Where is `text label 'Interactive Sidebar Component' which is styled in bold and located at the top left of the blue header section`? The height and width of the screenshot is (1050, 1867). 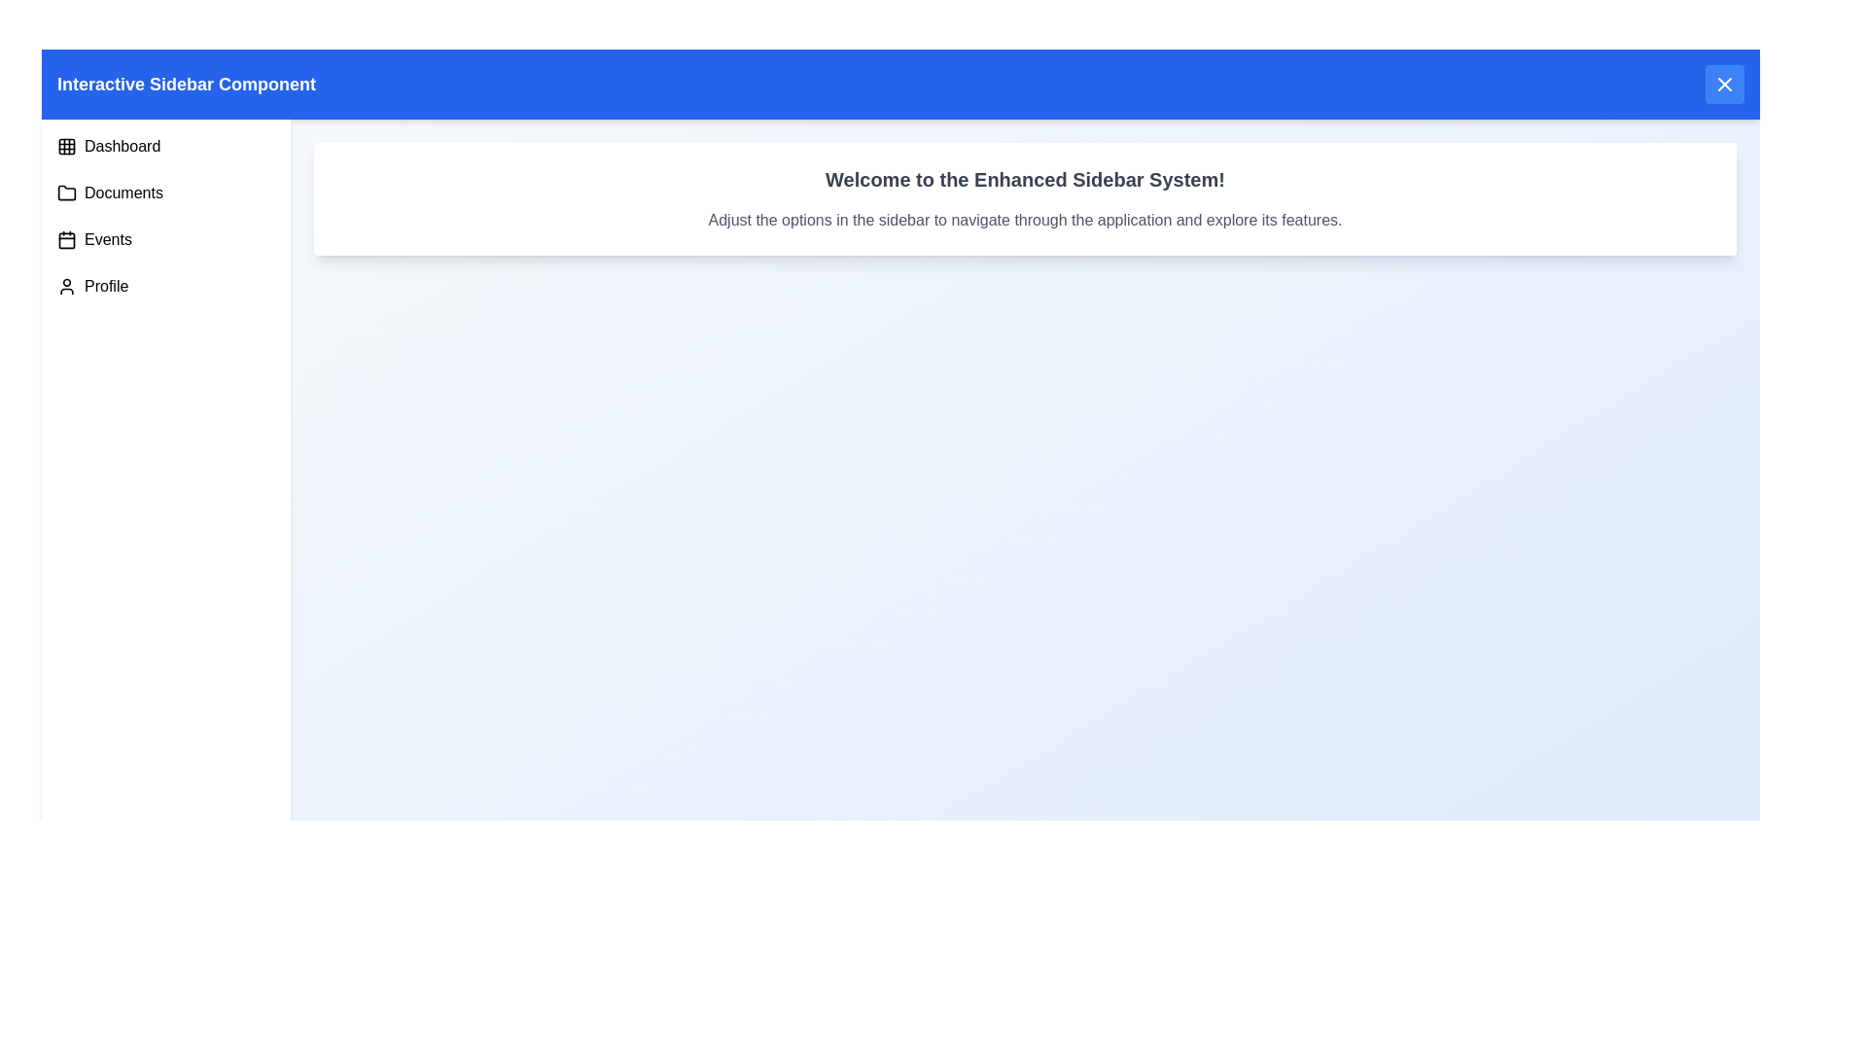 text label 'Interactive Sidebar Component' which is styled in bold and located at the top left of the blue header section is located at coordinates (187, 84).